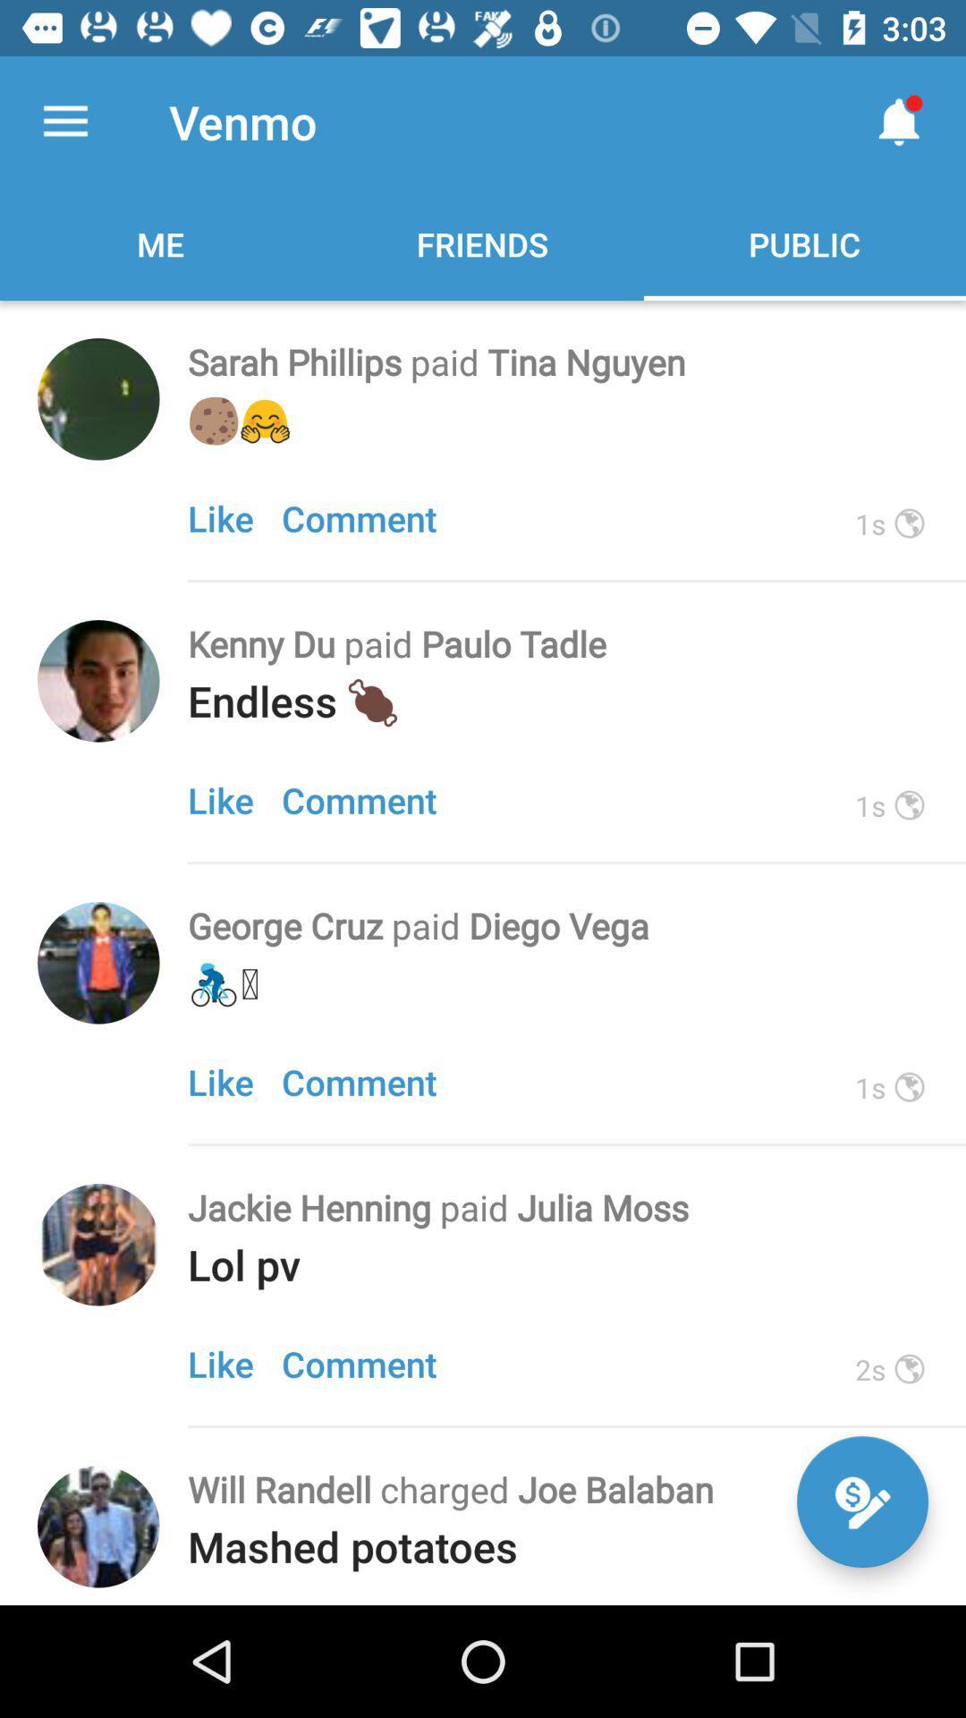 This screenshot has height=1718, width=966. Describe the element at coordinates (98, 1244) in the screenshot. I see `person avatar` at that location.